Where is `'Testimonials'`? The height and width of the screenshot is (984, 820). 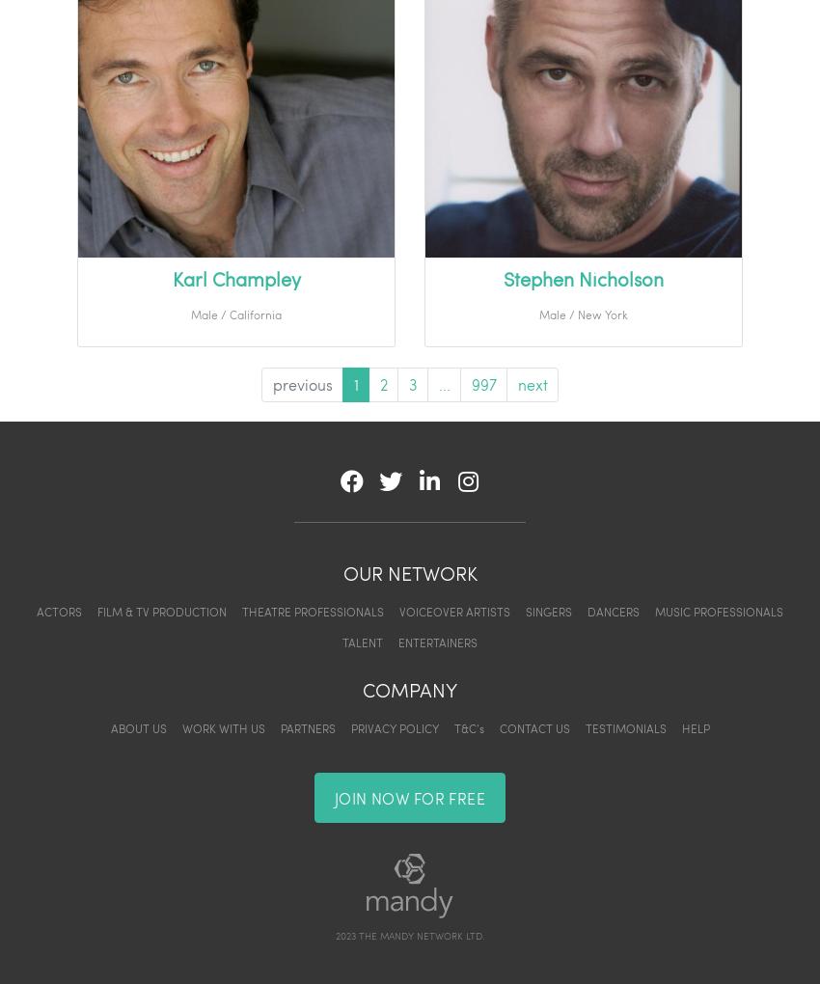 'Testimonials' is located at coordinates (625, 728).